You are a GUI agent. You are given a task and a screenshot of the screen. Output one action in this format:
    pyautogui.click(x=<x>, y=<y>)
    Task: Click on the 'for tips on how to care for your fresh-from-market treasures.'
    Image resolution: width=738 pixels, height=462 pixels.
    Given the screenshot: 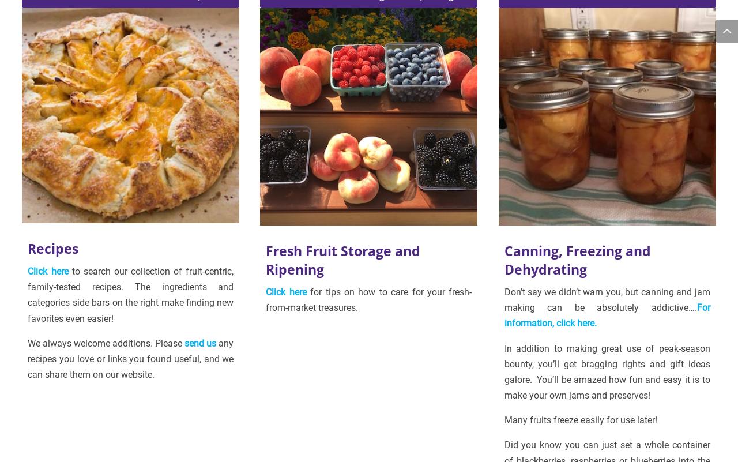 What is the action you would take?
    pyautogui.click(x=368, y=299)
    